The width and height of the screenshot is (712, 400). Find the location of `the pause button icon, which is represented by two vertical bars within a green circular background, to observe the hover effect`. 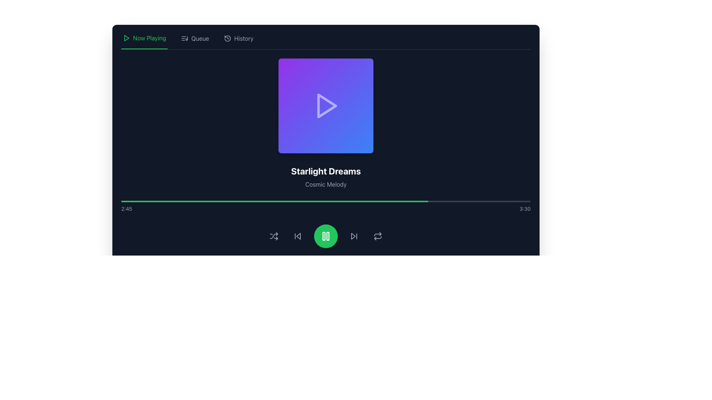

the pause button icon, which is represented by two vertical bars within a green circular background, to observe the hover effect is located at coordinates (326, 236).